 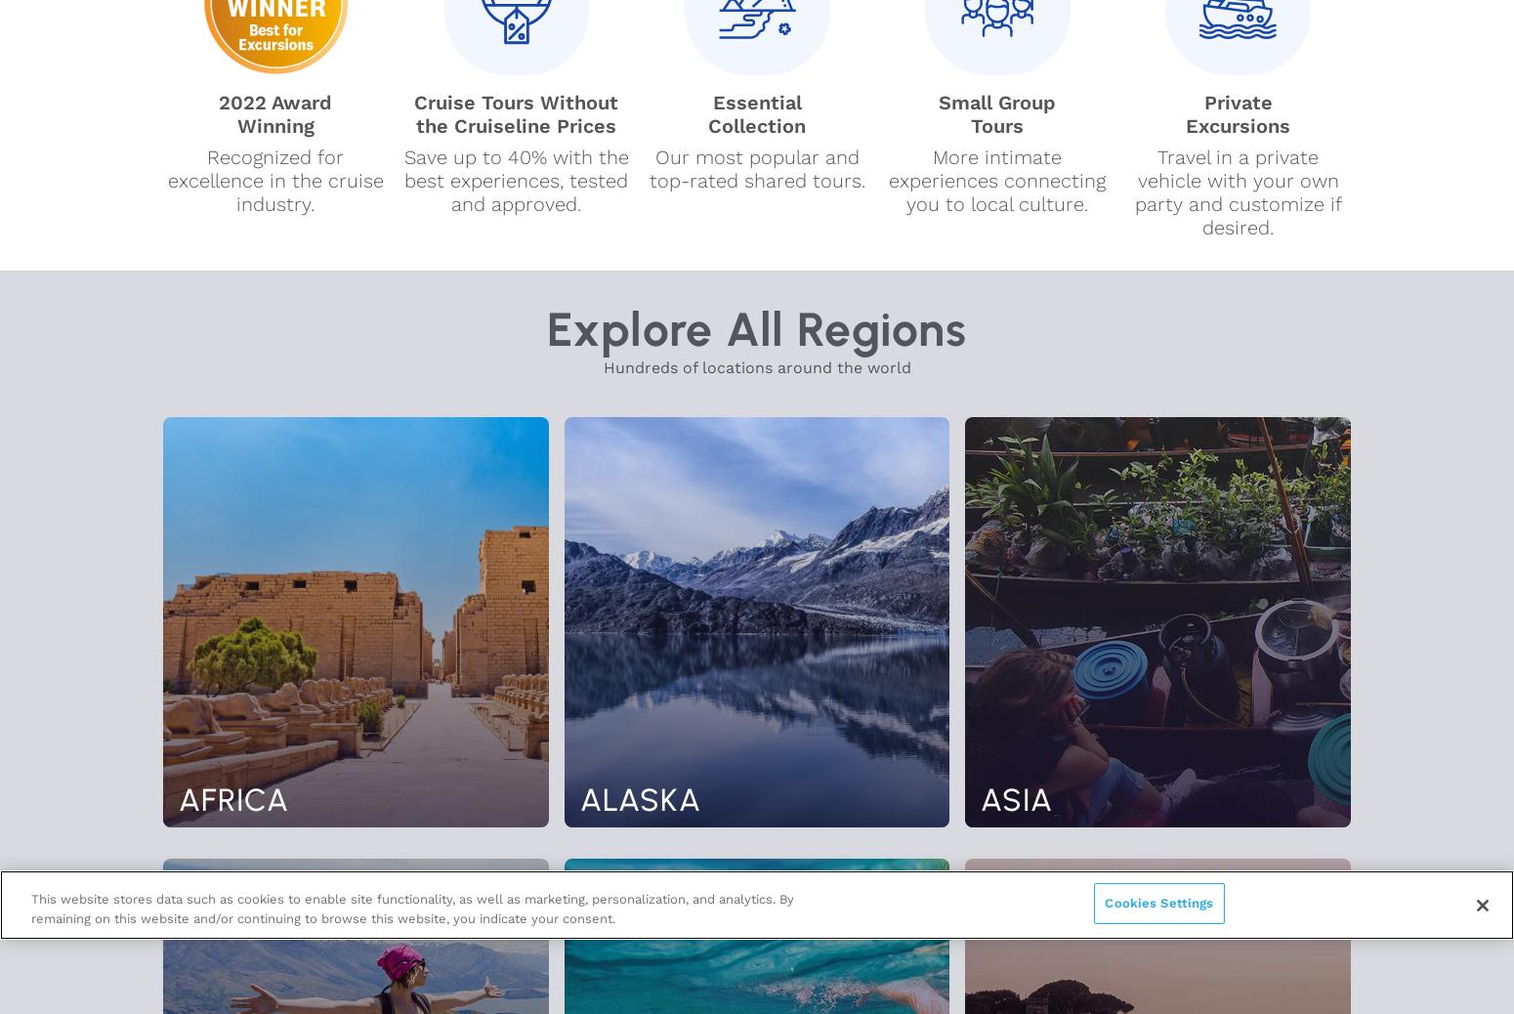 I want to click on 'Winning', so click(x=235, y=123).